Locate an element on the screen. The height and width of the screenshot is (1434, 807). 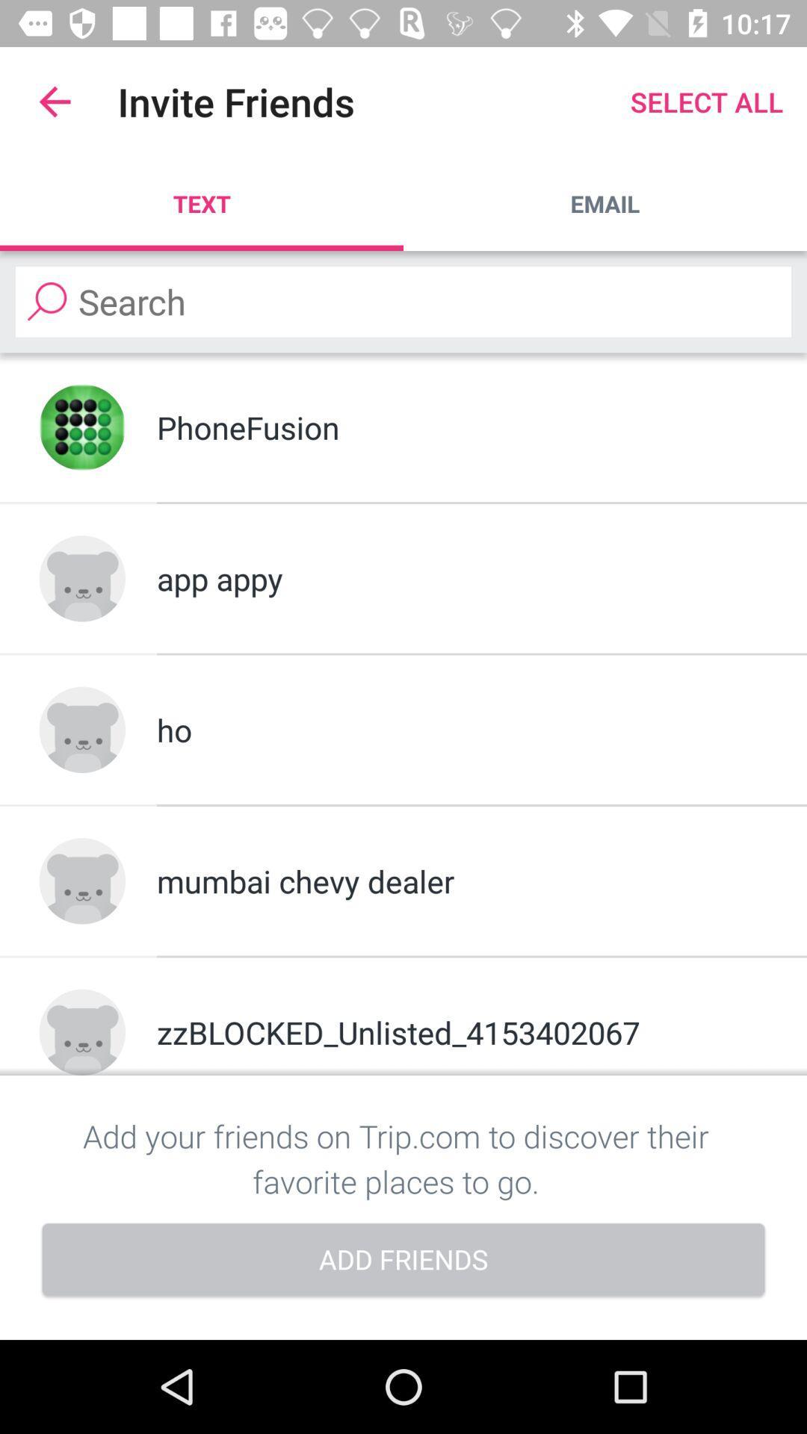
button right to the header text is located at coordinates (706, 102).